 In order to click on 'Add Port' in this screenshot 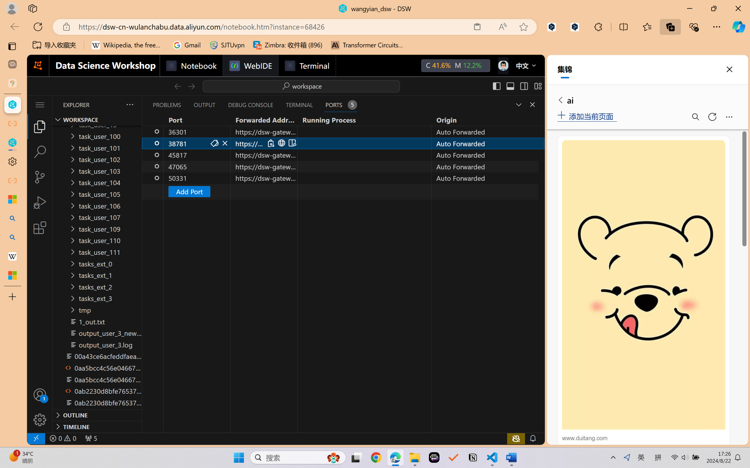, I will do `click(189, 191)`.